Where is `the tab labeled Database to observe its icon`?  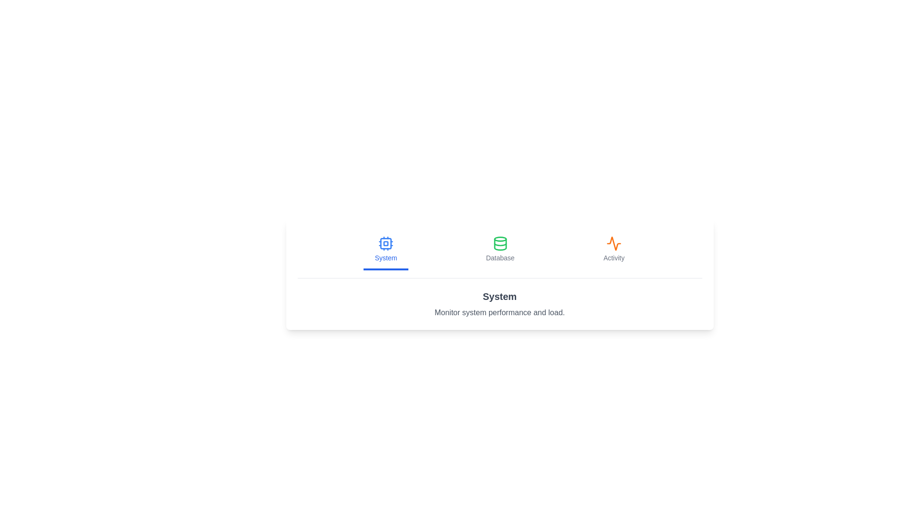
the tab labeled Database to observe its icon is located at coordinates (499, 249).